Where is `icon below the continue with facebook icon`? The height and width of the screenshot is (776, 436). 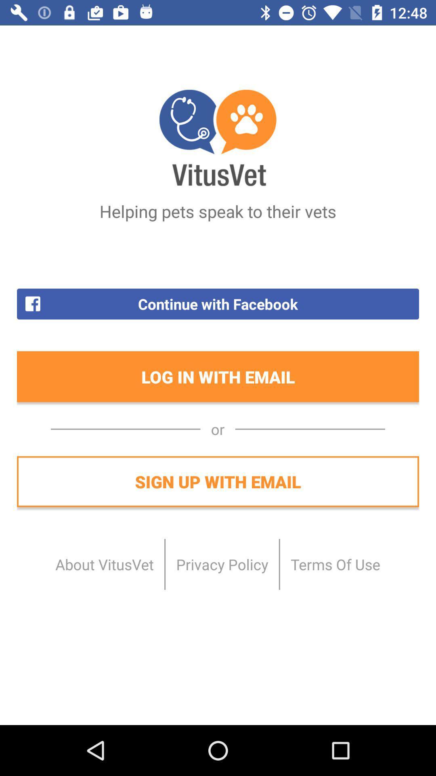
icon below the continue with facebook icon is located at coordinates (218, 376).